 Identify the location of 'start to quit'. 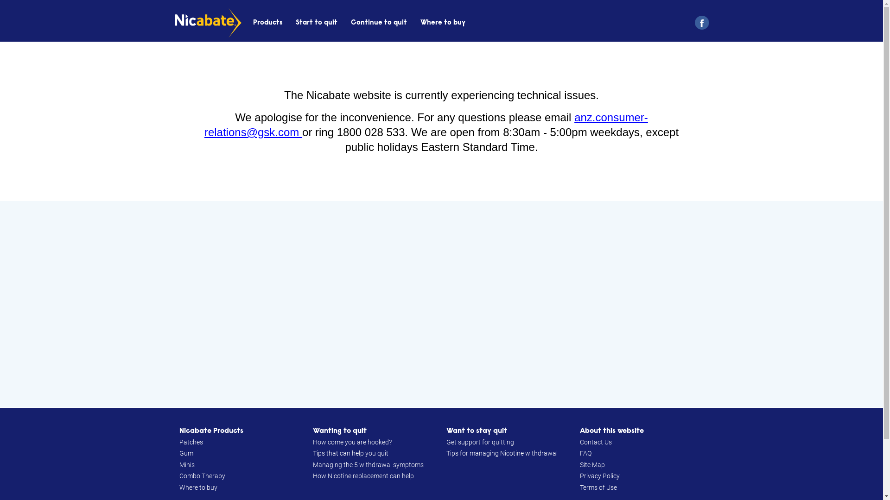
(316, 22).